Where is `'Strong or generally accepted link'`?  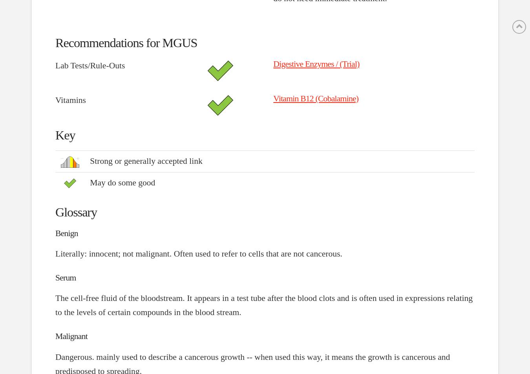 'Strong or generally accepted link' is located at coordinates (146, 161).